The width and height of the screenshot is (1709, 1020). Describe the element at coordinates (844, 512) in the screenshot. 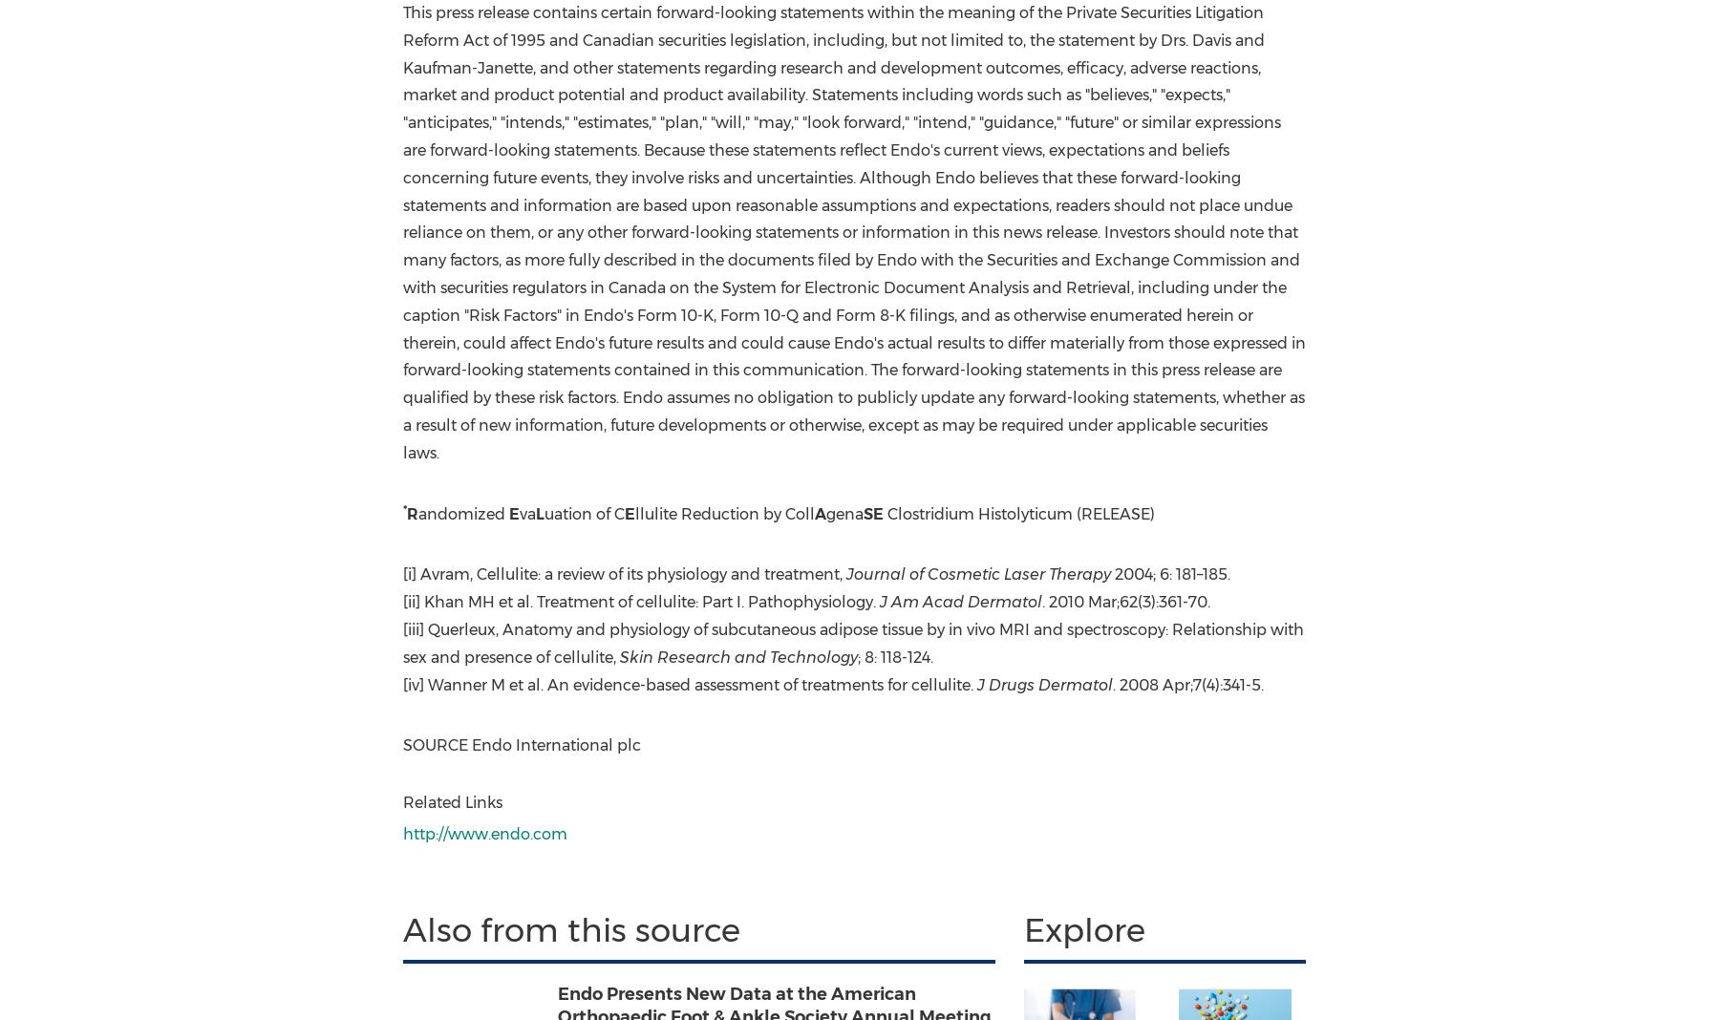

I see `'gena'` at that location.